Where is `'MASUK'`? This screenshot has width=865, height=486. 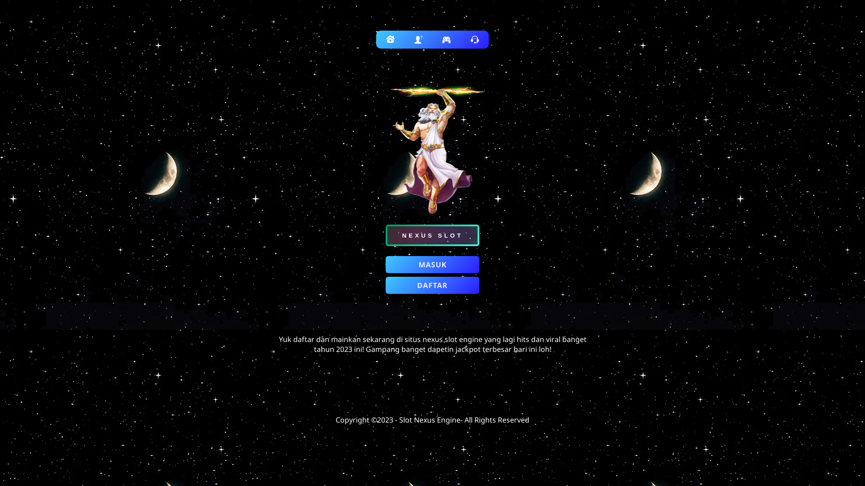 'MASUK' is located at coordinates (432, 264).